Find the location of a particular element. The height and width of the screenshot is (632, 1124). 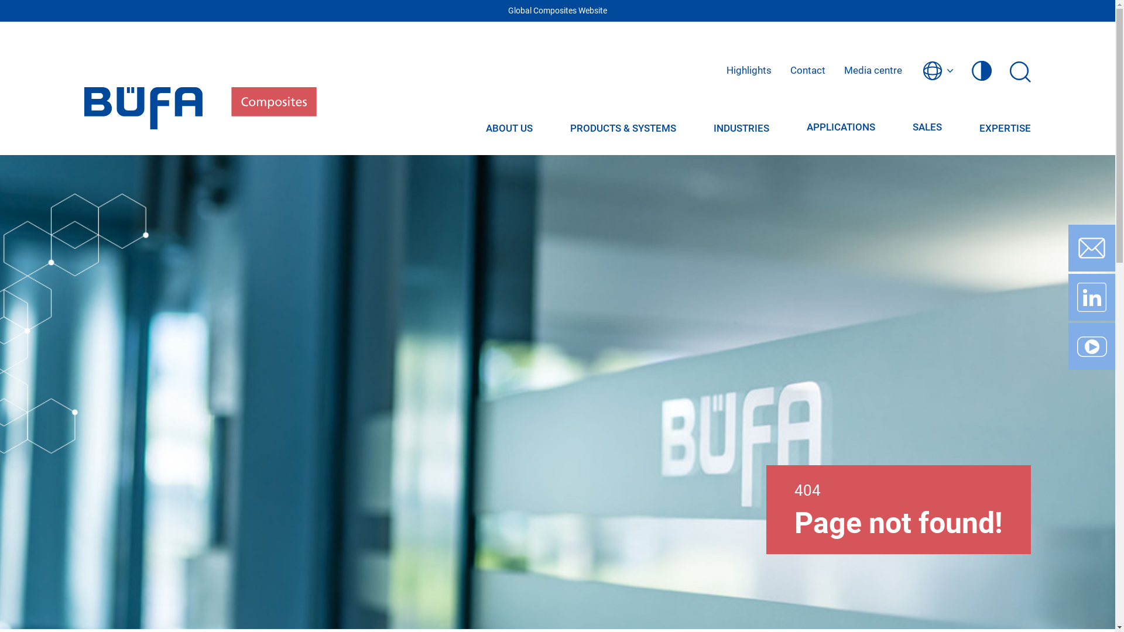

'APPLICATIONS' is located at coordinates (840, 128).